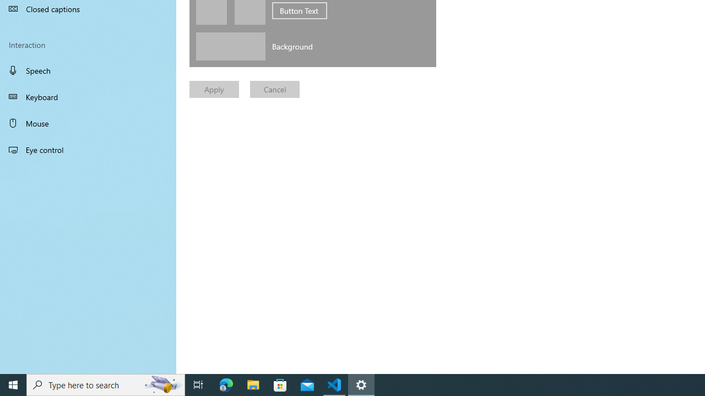 The width and height of the screenshot is (705, 396). What do you see at coordinates (88, 149) in the screenshot?
I see `'Eye control'` at bounding box center [88, 149].